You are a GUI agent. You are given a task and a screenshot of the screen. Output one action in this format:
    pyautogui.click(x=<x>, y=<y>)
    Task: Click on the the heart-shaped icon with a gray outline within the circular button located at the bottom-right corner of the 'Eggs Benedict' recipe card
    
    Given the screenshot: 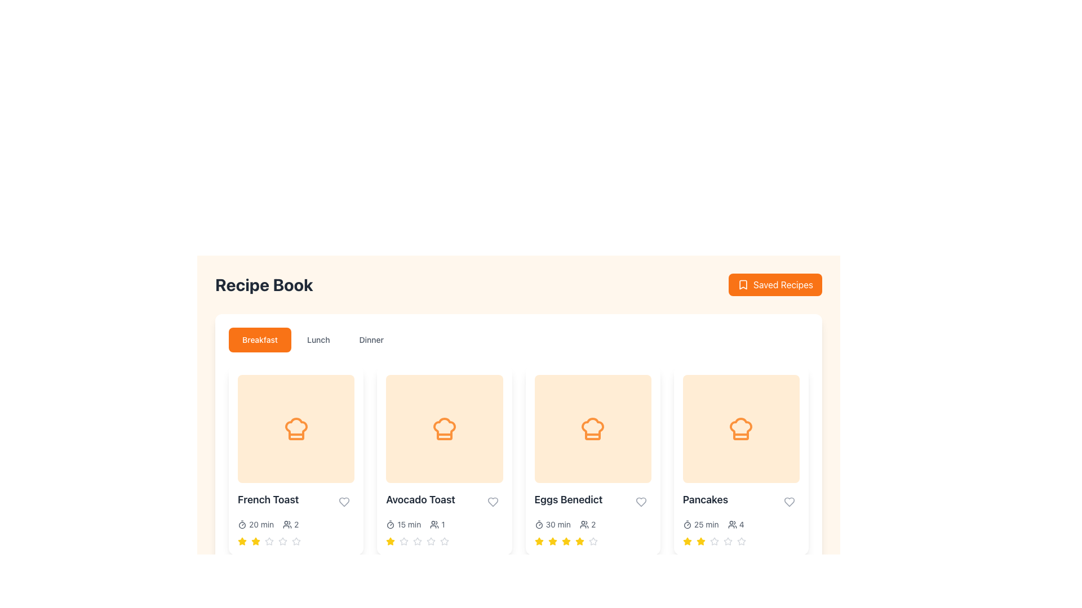 What is the action you would take?
    pyautogui.click(x=641, y=501)
    